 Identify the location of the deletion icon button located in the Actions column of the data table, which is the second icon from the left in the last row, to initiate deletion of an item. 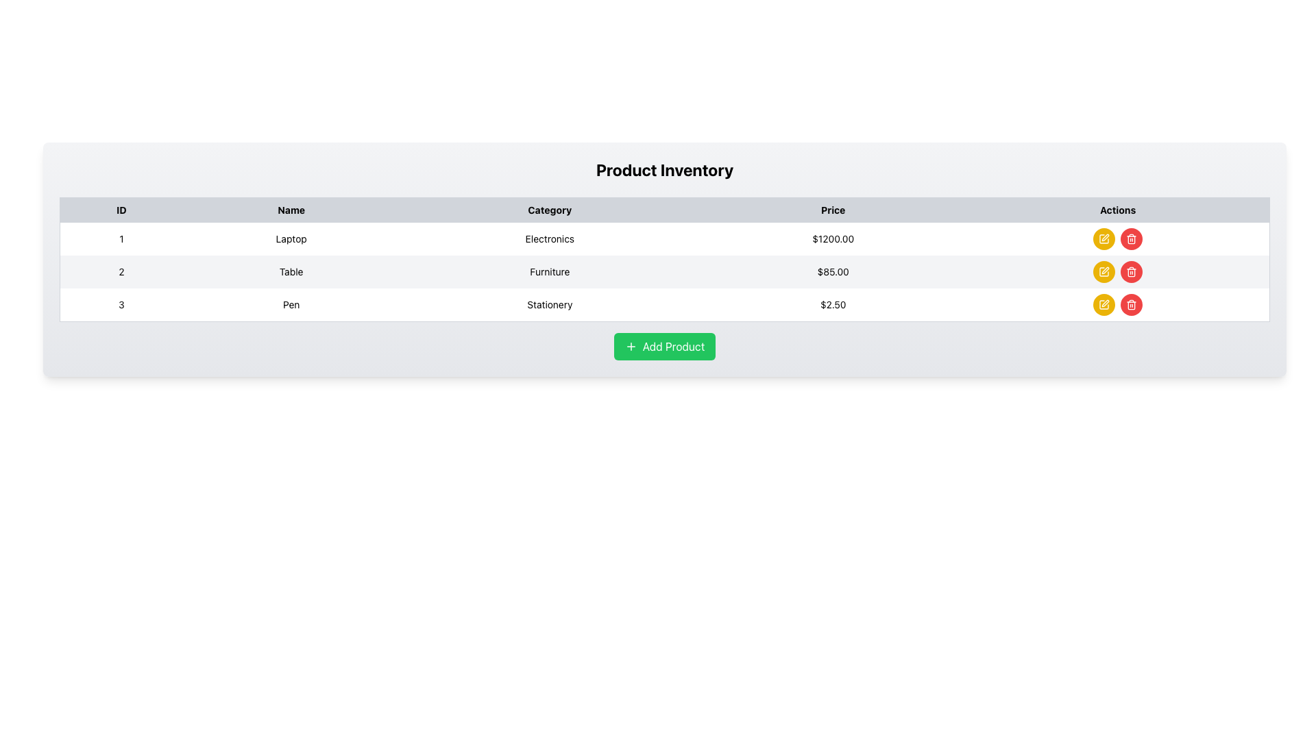
(1132, 238).